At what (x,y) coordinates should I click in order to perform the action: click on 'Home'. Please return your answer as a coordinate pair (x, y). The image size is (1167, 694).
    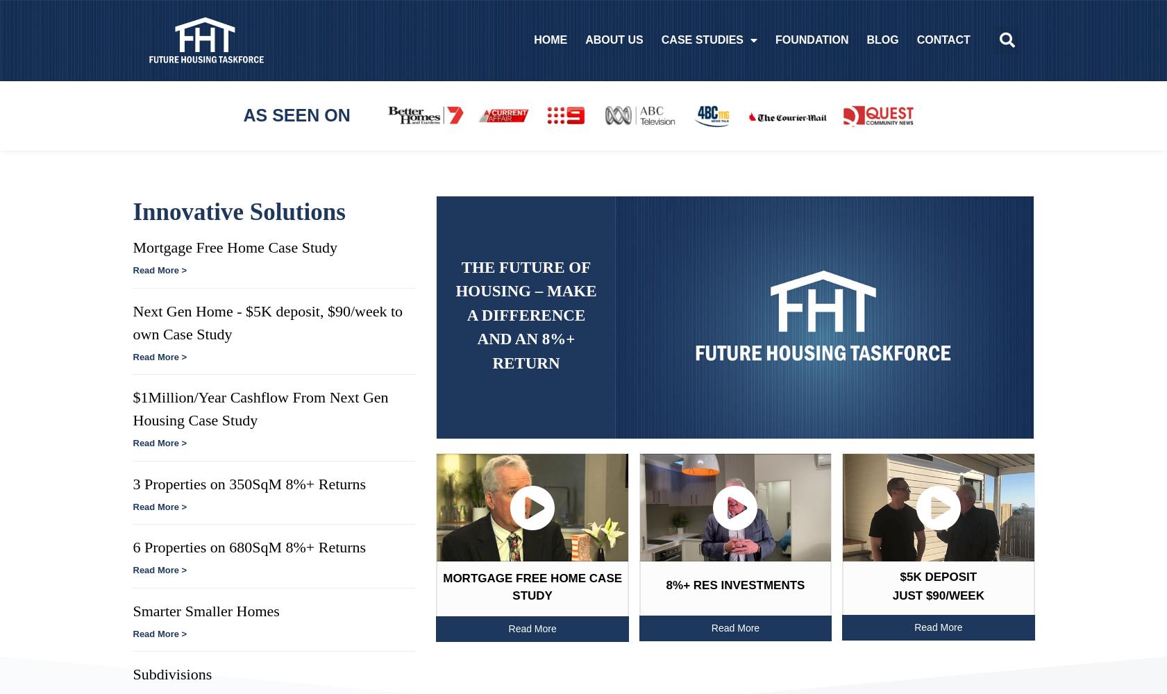
    Looking at the image, I should click on (544, 40).